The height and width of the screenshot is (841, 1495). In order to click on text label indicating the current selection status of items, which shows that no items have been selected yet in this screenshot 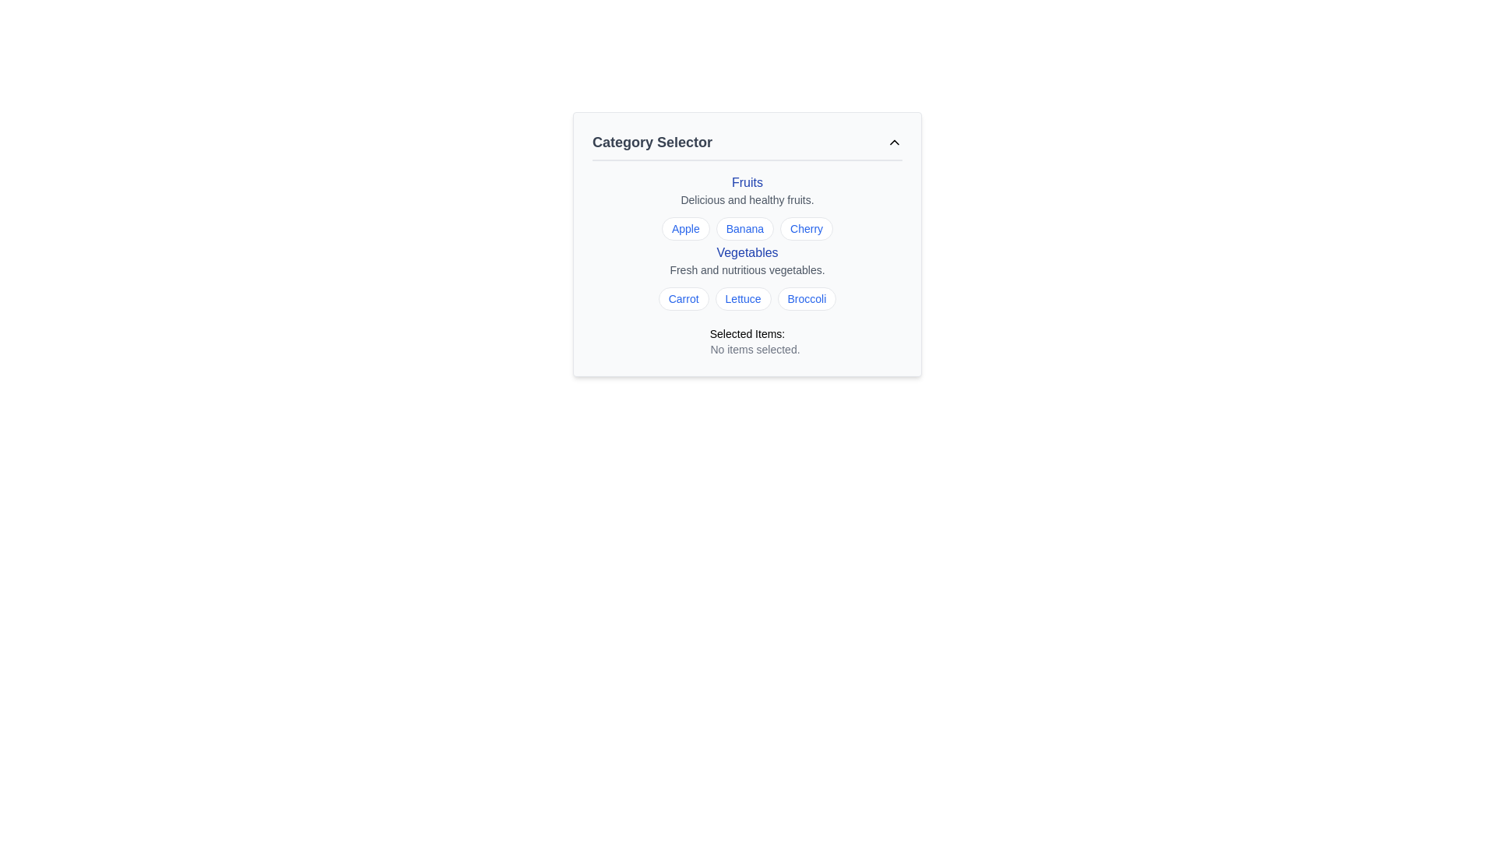, I will do `click(755, 348)`.